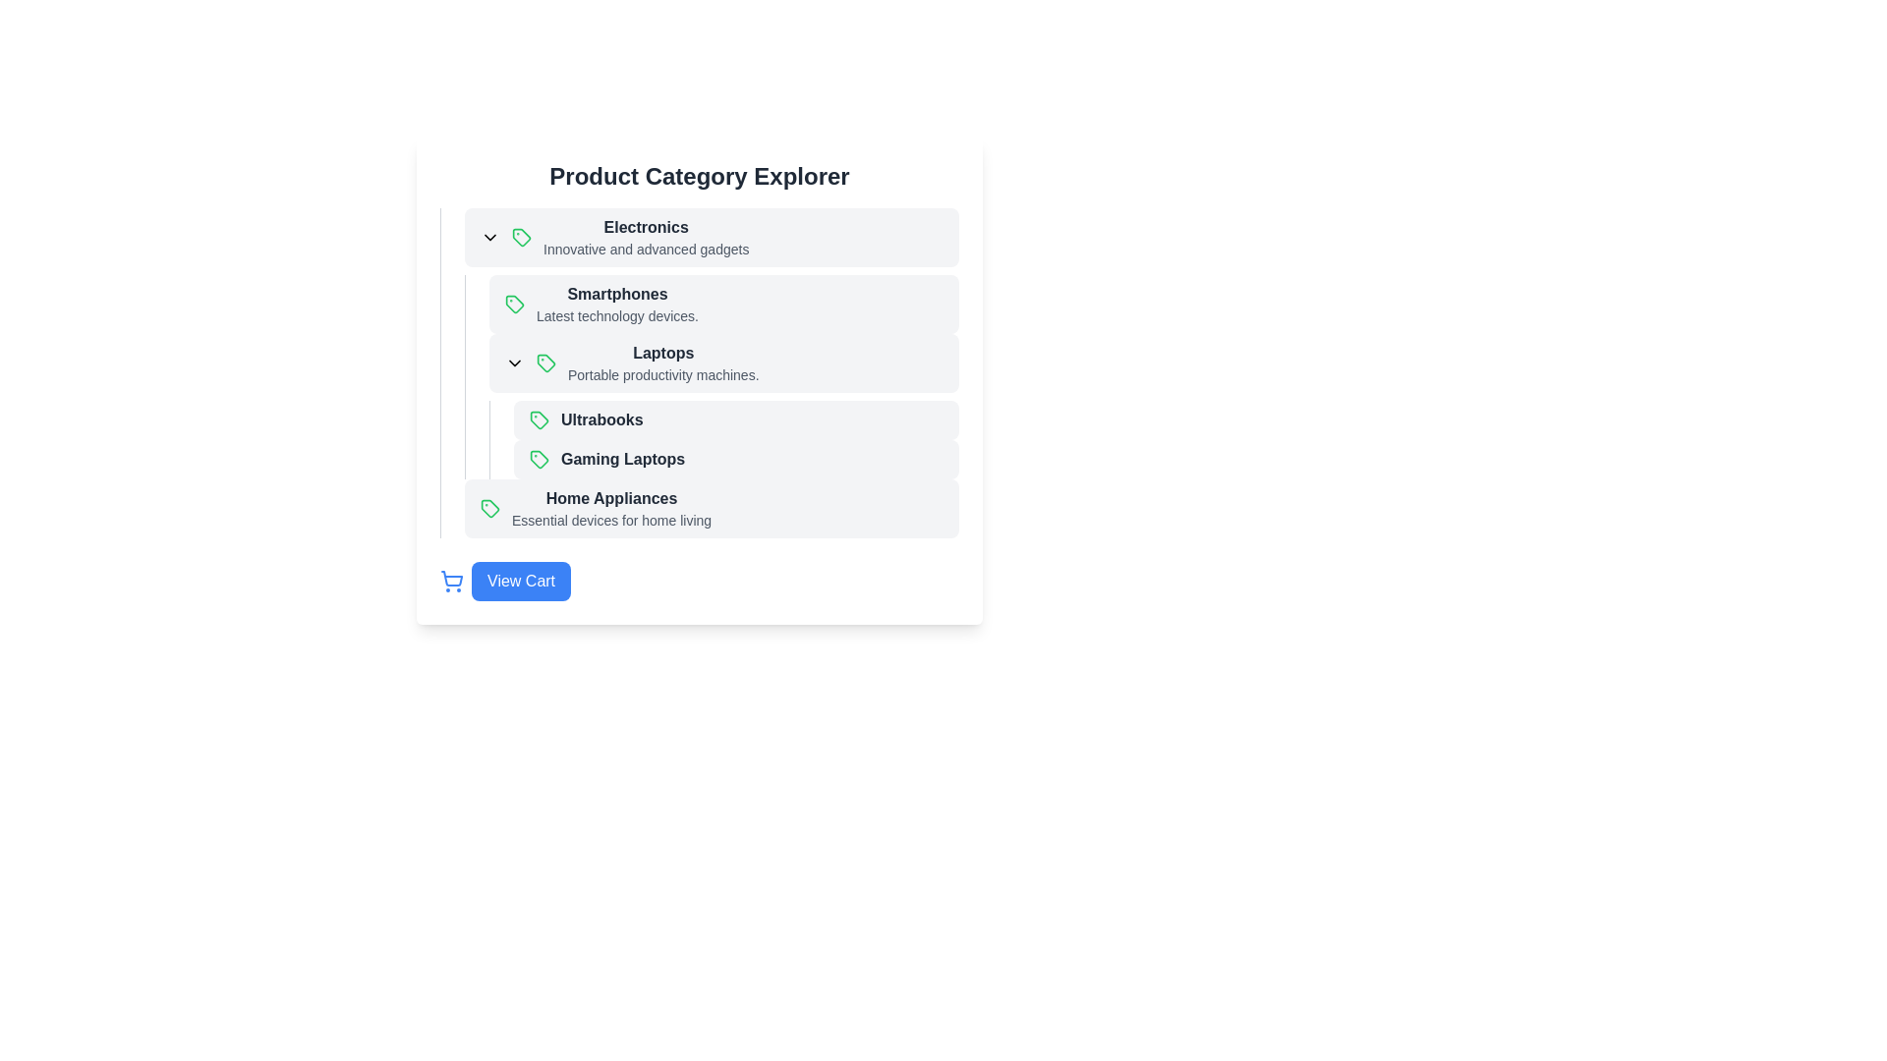 The image size is (1887, 1061). I want to click on the 'Electronics' category tag icon, which is the graphical identifier located to the left of the text 'Electronics' in the Product Category Explorer interface, so click(522, 237).